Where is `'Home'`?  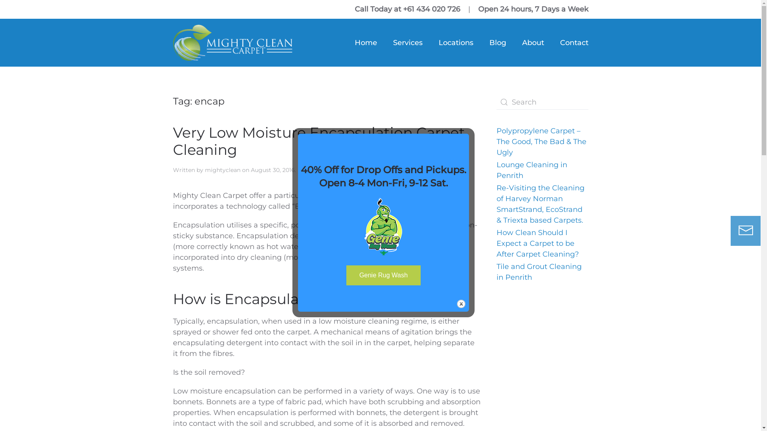
'Home' is located at coordinates (366, 43).